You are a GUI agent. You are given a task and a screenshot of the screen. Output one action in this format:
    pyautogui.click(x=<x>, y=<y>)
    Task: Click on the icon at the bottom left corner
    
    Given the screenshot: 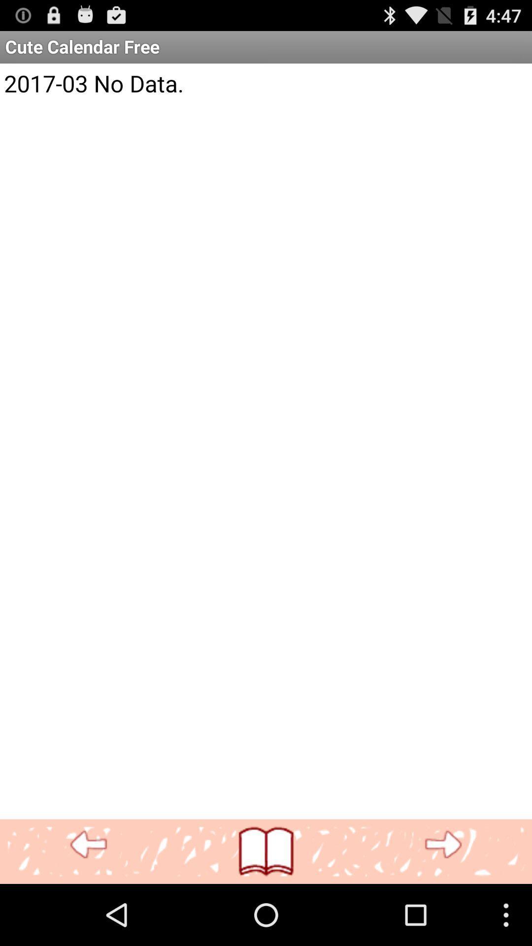 What is the action you would take?
    pyautogui.click(x=89, y=845)
    